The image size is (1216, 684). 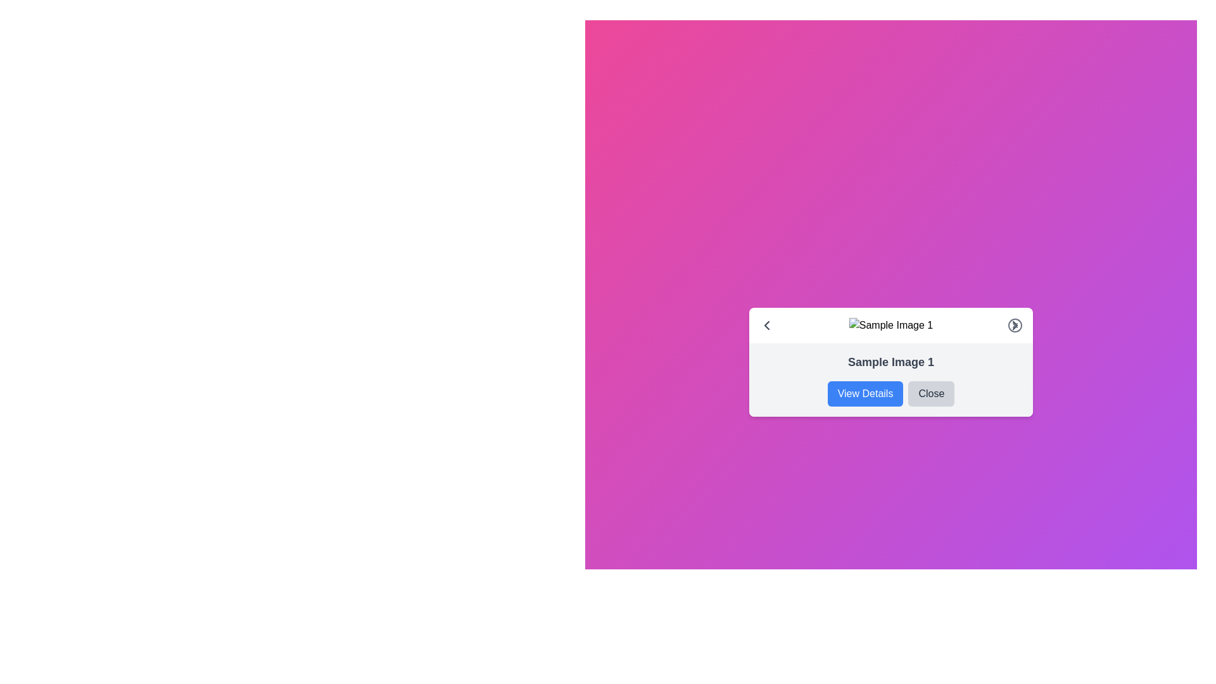 What do you see at coordinates (1015, 324) in the screenshot?
I see `the right-facing chevron icon located in the top-right corner of the dialog box, next to the 'Sample Image 1' title` at bounding box center [1015, 324].